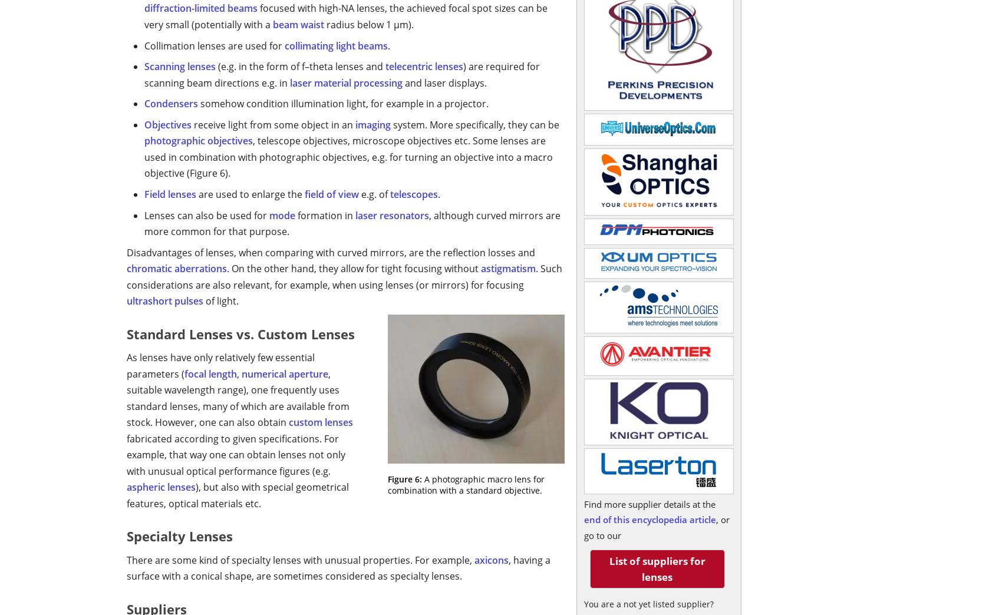 The image size is (999, 615). Describe the element at coordinates (213, 45) in the screenshot. I see `'Collimation lenses are used for'` at that location.